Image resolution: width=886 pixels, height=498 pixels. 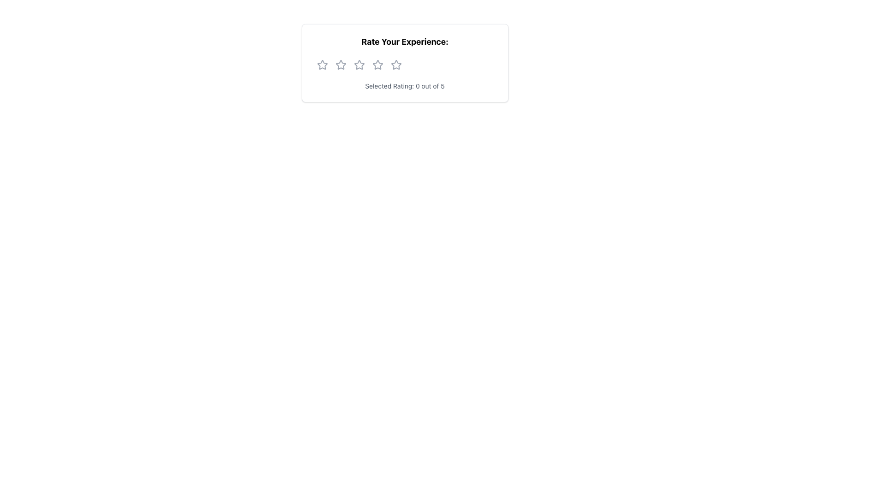 What do you see at coordinates (405, 86) in the screenshot?
I see `the text label that displays the currently selected rating out of 5, positioned centrally below the rating stars` at bounding box center [405, 86].